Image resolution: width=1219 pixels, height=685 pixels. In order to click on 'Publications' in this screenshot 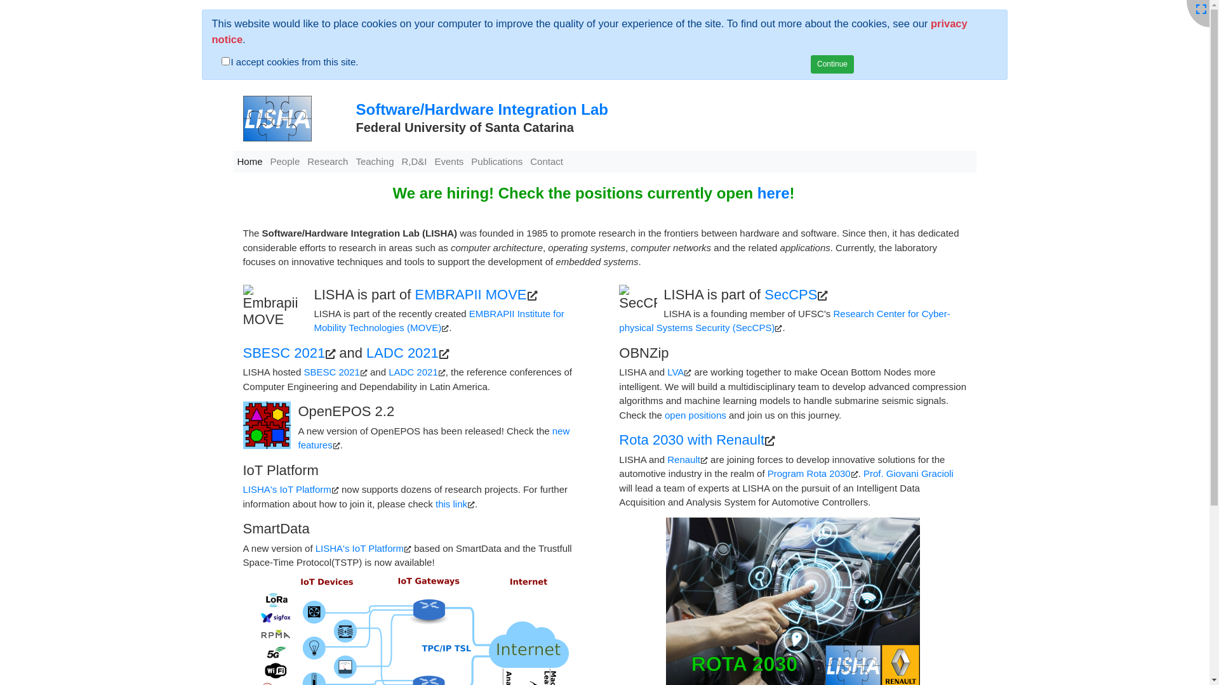, I will do `click(496, 161)`.